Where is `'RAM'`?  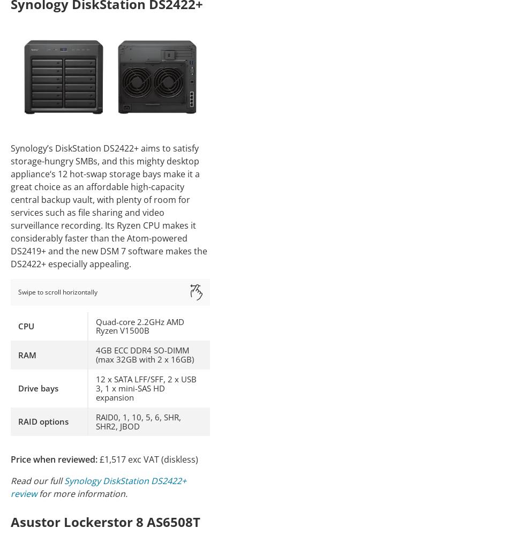
'RAM' is located at coordinates (27, 354).